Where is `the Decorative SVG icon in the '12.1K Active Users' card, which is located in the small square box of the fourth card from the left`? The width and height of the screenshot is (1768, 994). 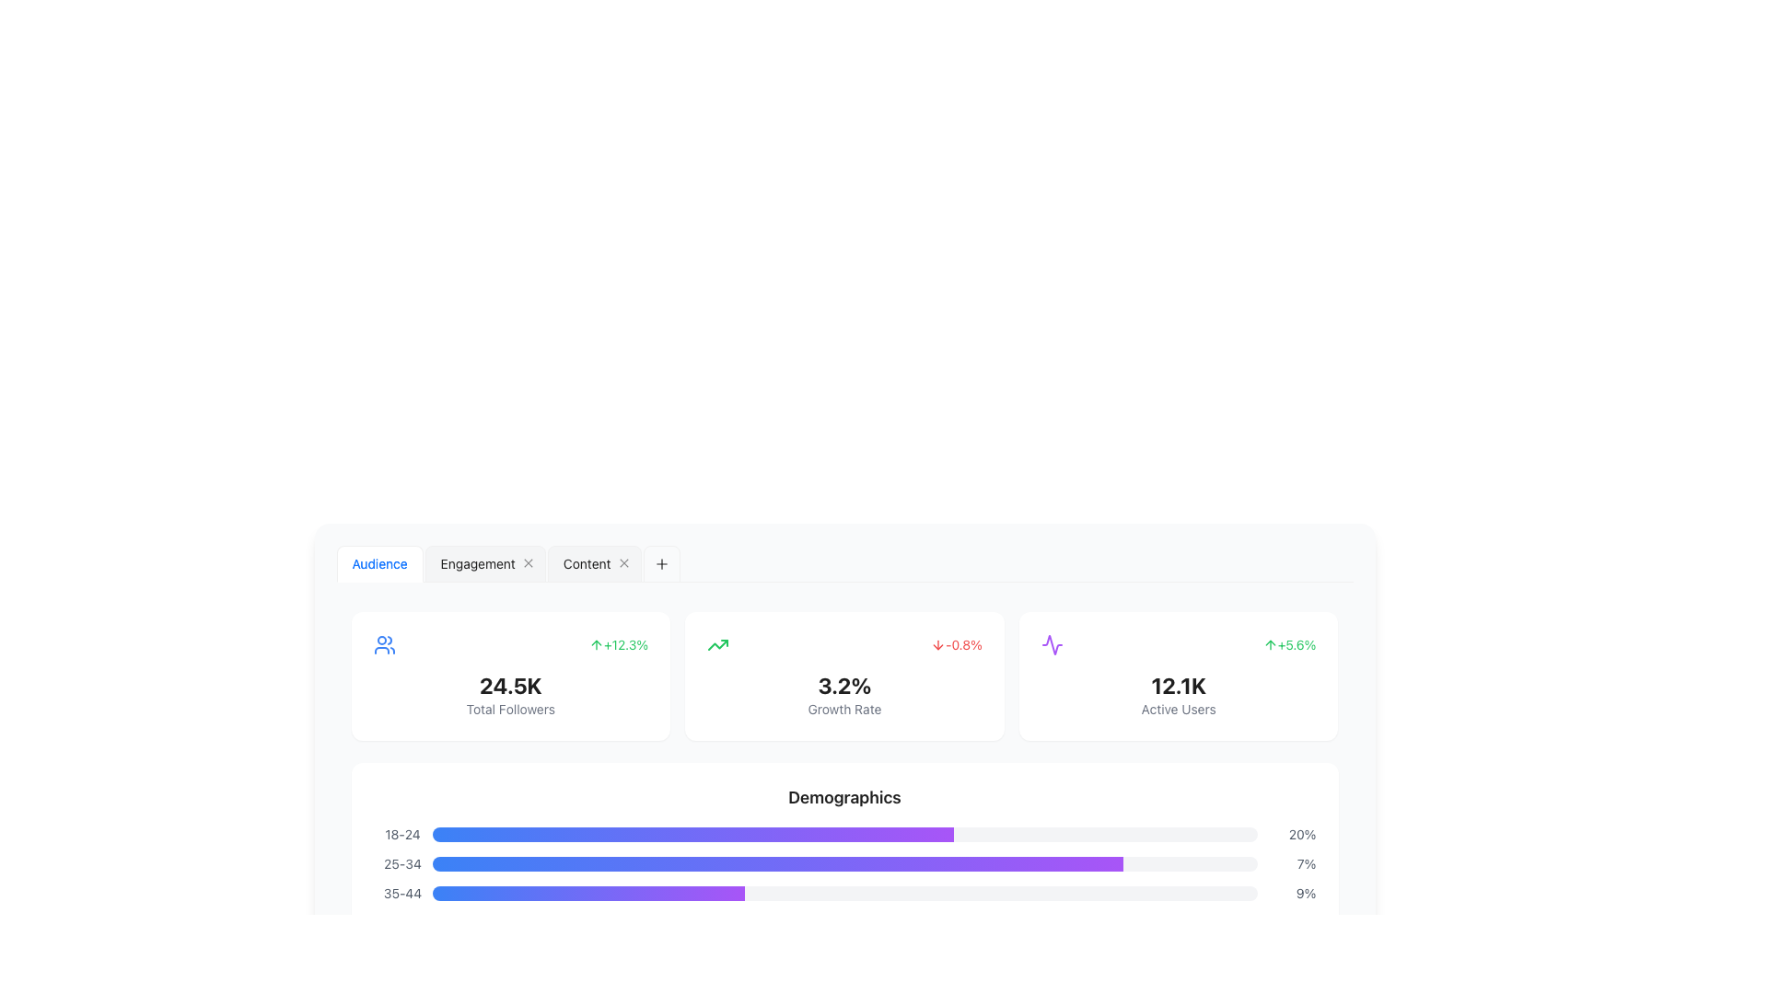 the Decorative SVG icon in the '12.1K Active Users' card, which is located in the small square box of the fourth card from the left is located at coordinates (1052, 644).